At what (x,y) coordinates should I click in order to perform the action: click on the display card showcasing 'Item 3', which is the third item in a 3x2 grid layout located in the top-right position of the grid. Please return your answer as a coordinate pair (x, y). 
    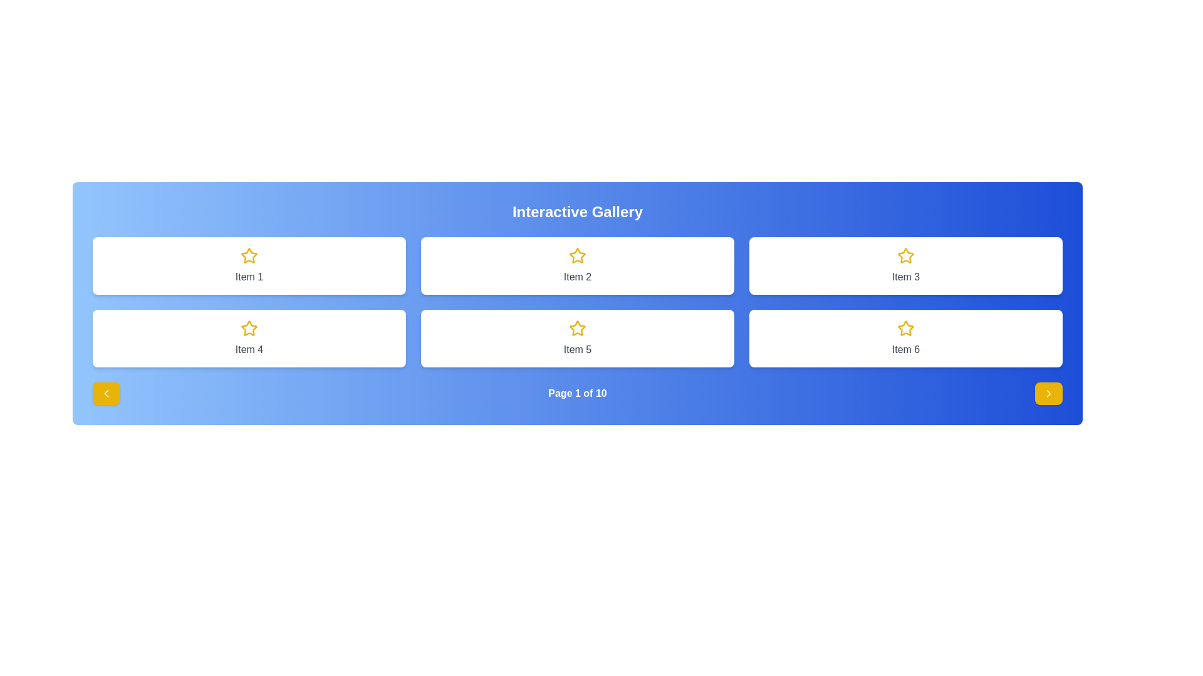
    Looking at the image, I should click on (905, 265).